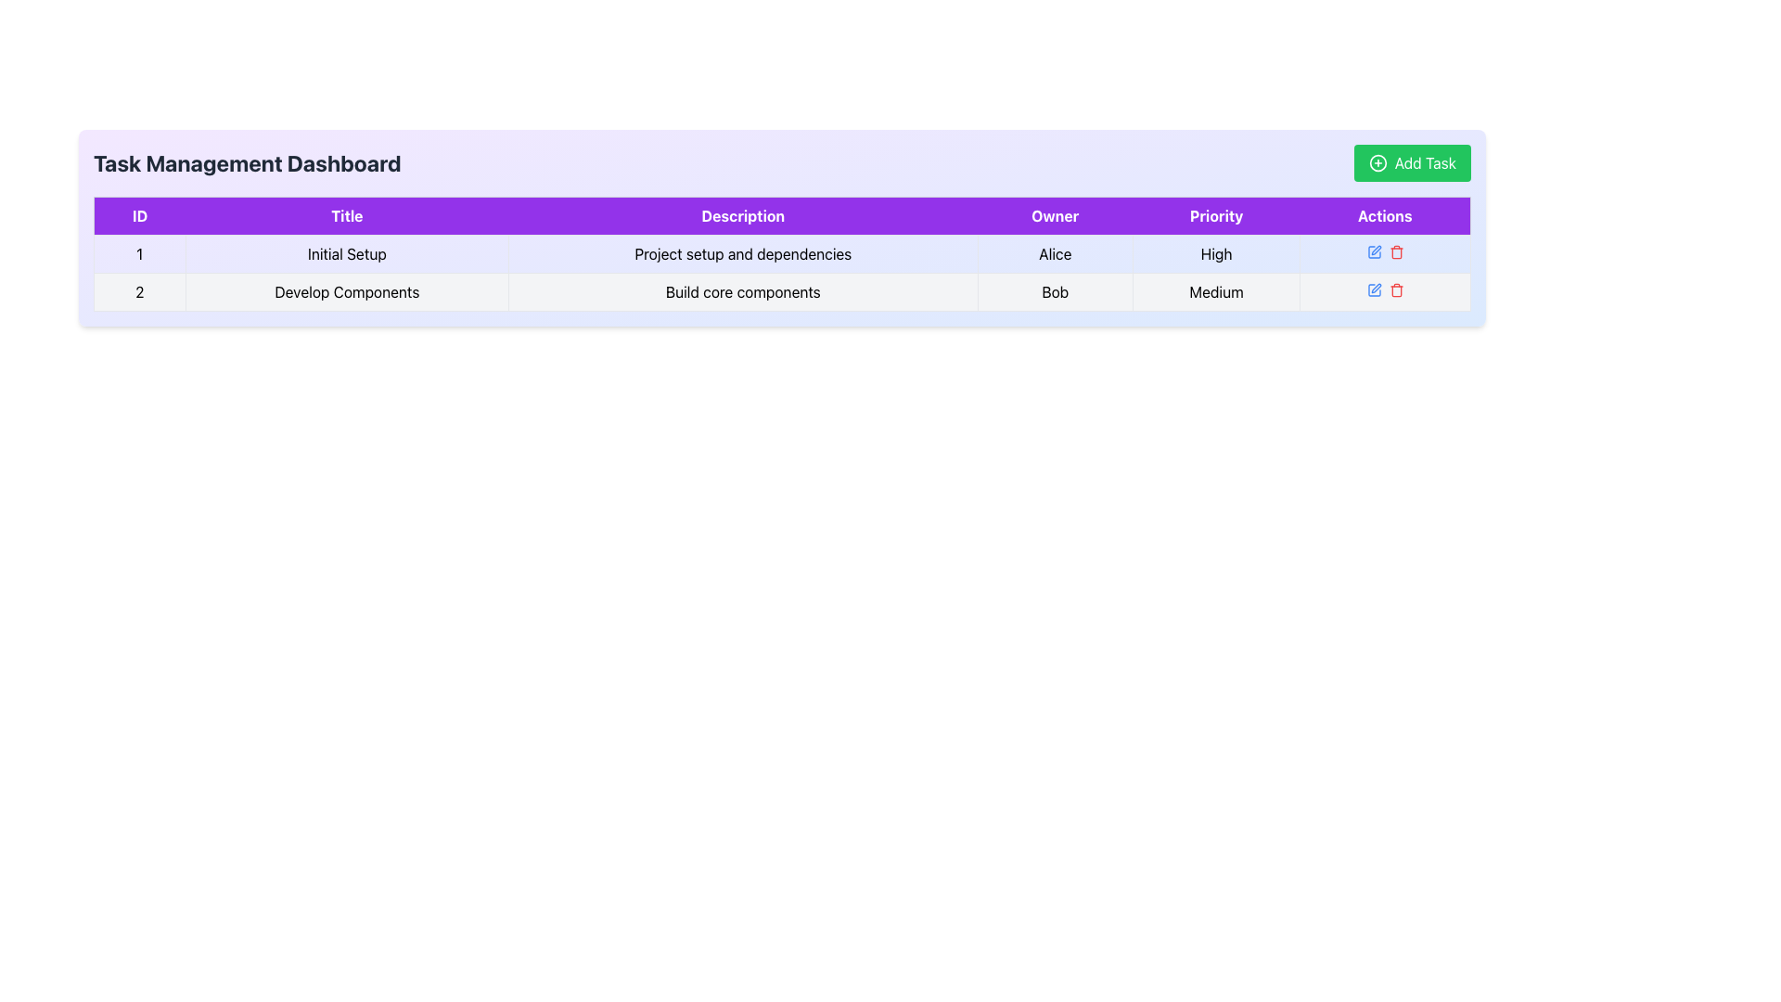 This screenshot has width=1781, height=1002. Describe the element at coordinates (782, 273) in the screenshot. I see `the first row of the table that contains ID '1', Title 'Initial Setup', Description 'Project setup and dependencies', Owner 'Alice', and Priority 'High'` at that location.